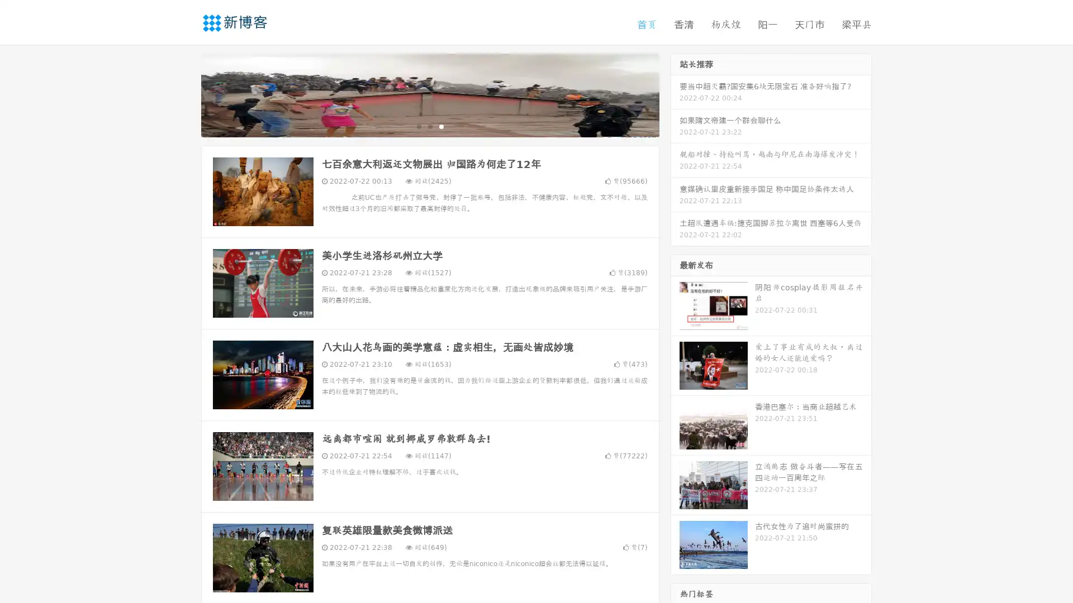 The image size is (1073, 603). Describe the element at coordinates (418, 126) in the screenshot. I see `Go to slide 1` at that location.